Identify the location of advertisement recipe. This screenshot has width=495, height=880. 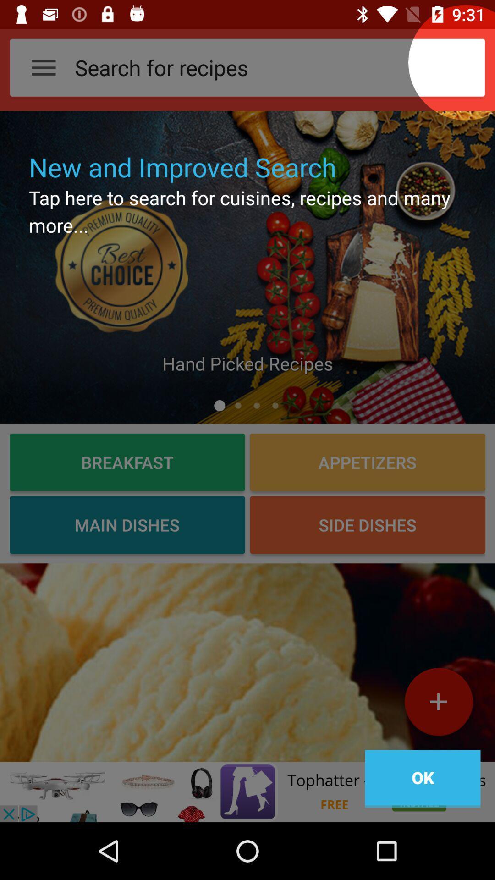
(247, 662).